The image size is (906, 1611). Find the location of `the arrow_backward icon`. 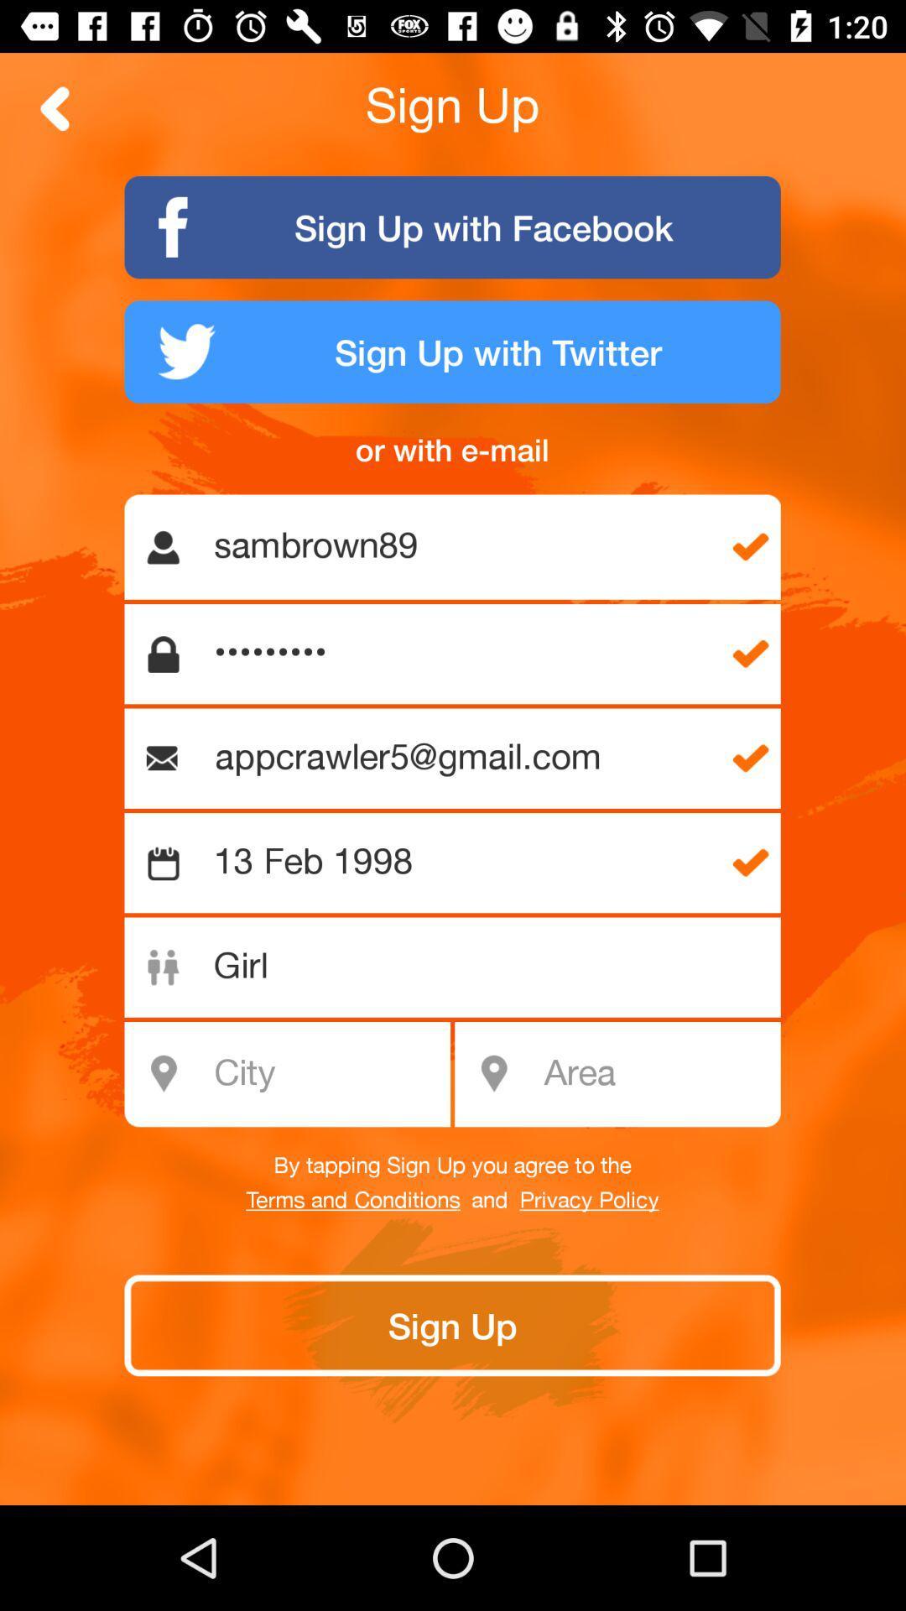

the arrow_backward icon is located at coordinates (55, 107).